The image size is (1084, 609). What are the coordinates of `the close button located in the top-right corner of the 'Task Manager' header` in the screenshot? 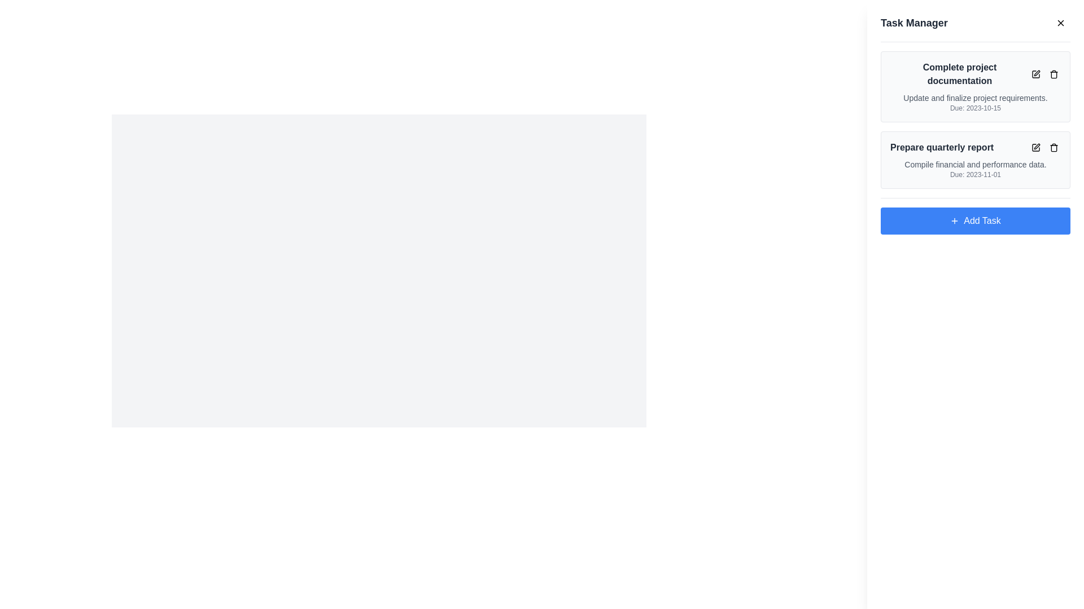 It's located at (1060, 23).